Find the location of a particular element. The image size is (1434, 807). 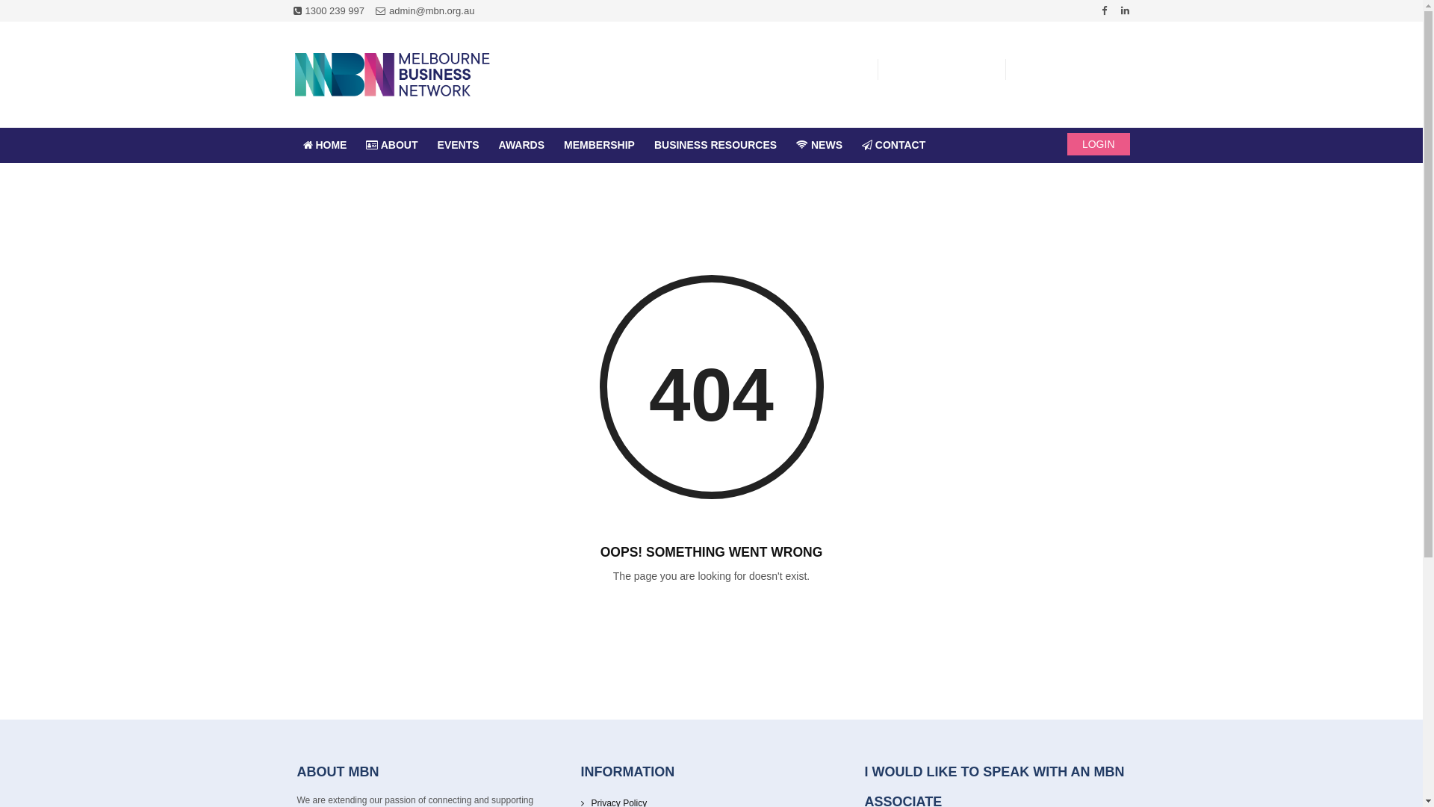

'LOGIN' is located at coordinates (1098, 143).